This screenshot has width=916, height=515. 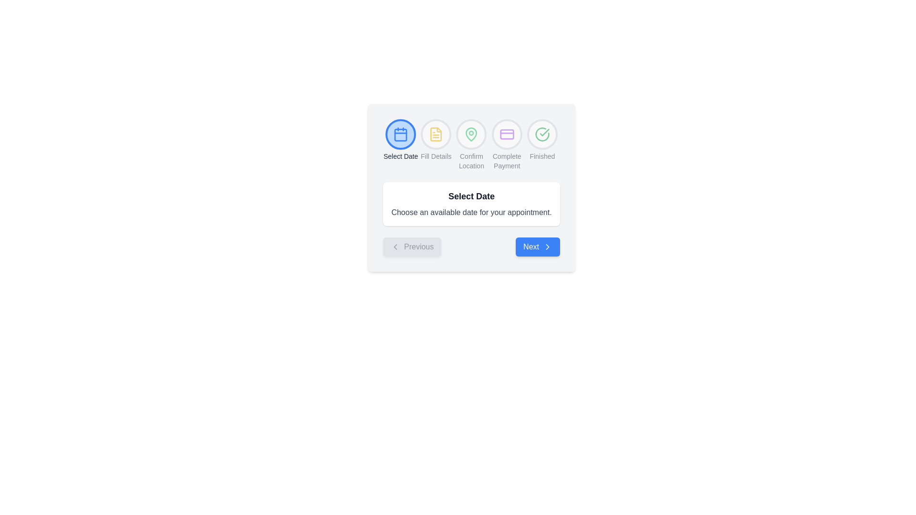 What do you see at coordinates (436, 145) in the screenshot?
I see `the second step indicator in the multi-step process UI, which is positioned between 'Select Date' and 'Confirm Location'` at bounding box center [436, 145].